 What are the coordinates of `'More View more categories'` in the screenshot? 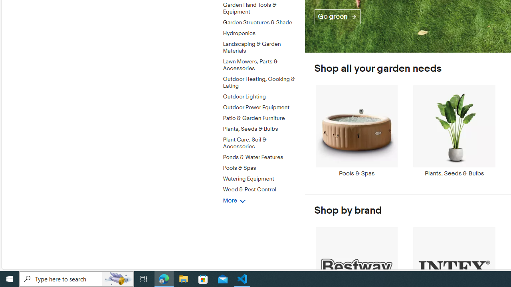 It's located at (234, 200).